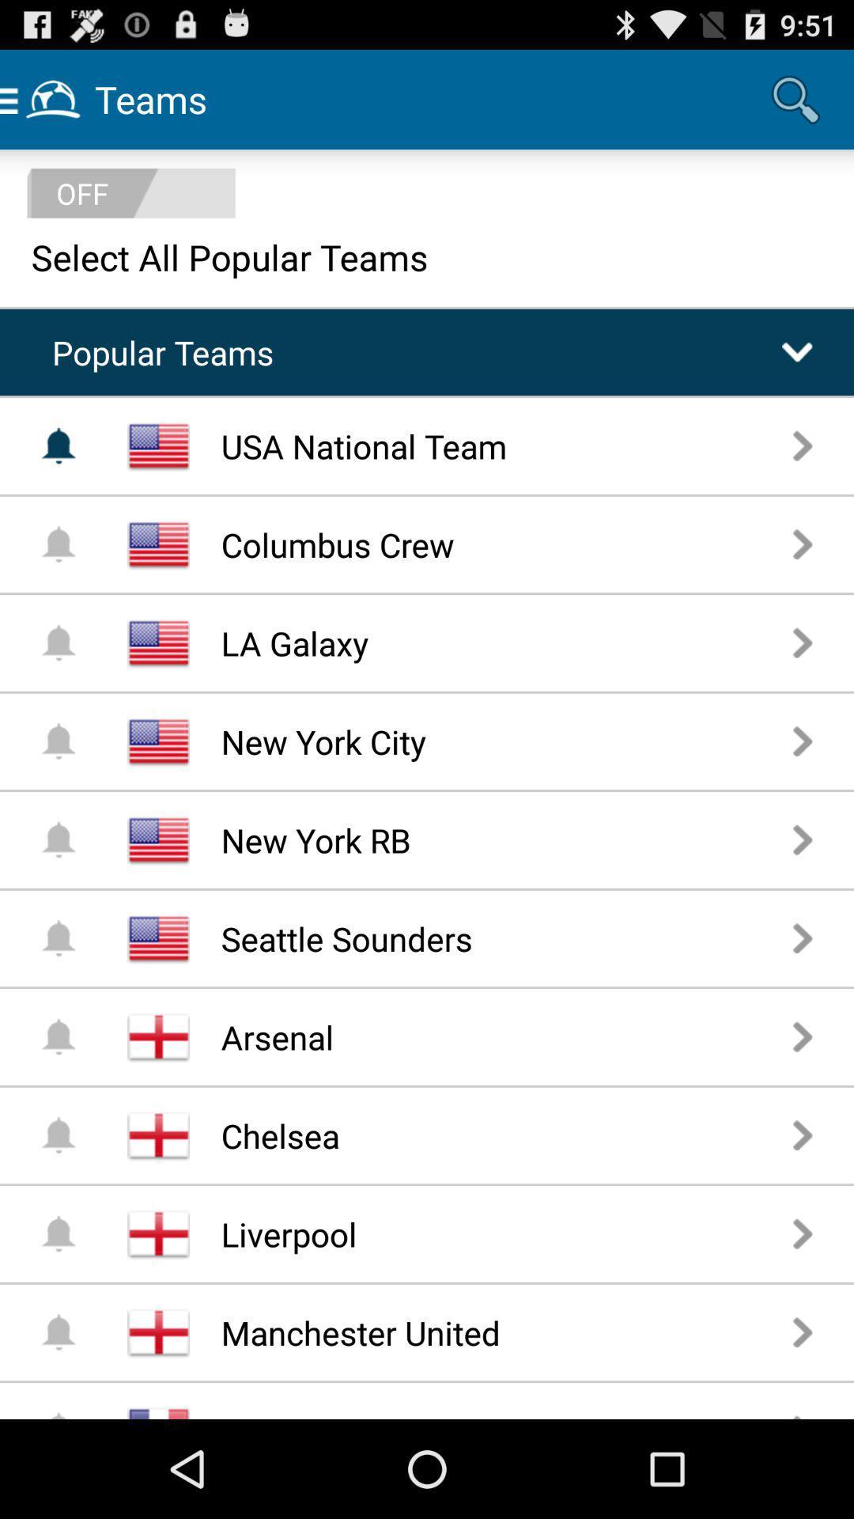  What do you see at coordinates (803, 740) in the screenshot?
I see `the fourth arrow option which is beside the text network city` at bounding box center [803, 740].